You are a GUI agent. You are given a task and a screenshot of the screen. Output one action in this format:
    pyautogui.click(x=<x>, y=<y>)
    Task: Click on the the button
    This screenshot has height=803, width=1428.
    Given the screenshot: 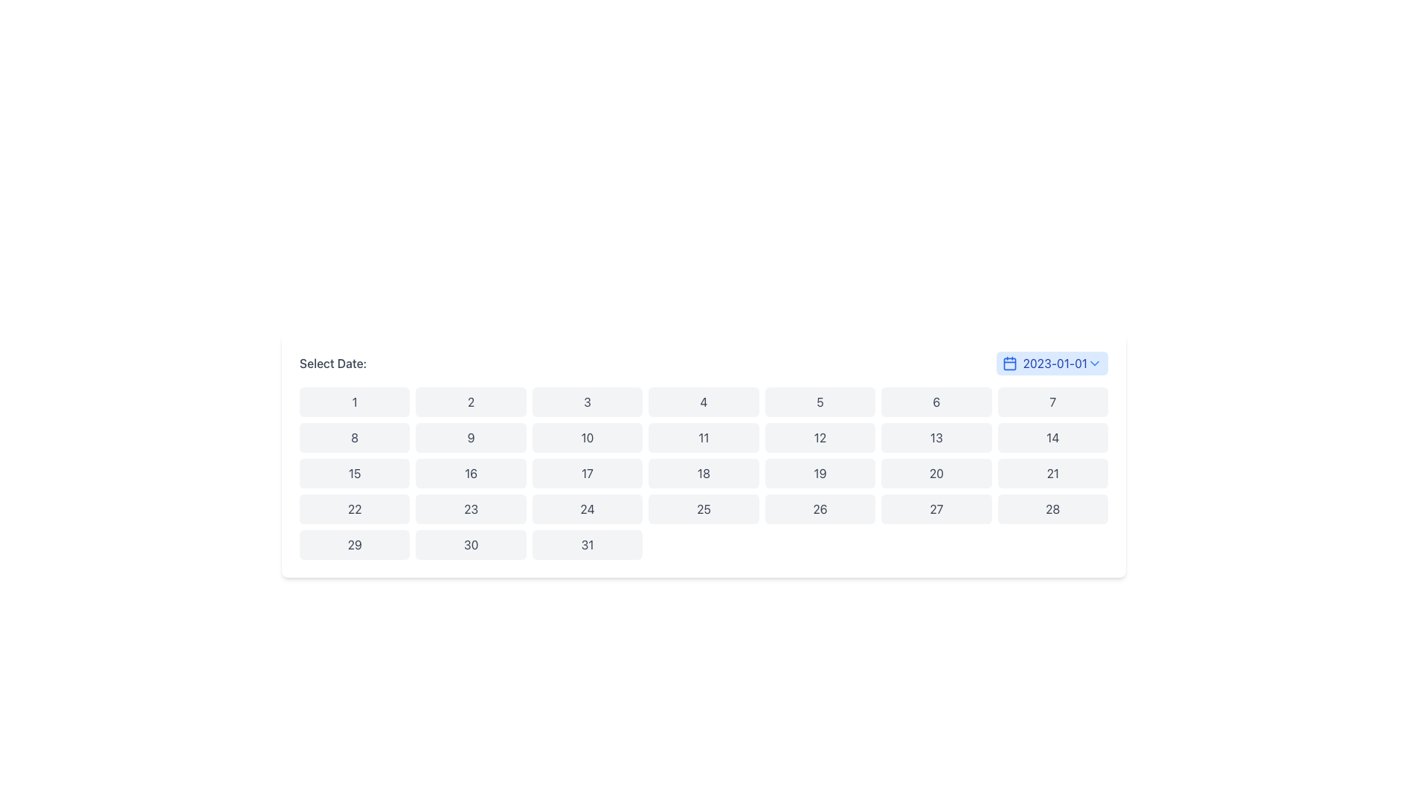 What is the action you would take?
    pyautogui.click(x=935, y=473)
    